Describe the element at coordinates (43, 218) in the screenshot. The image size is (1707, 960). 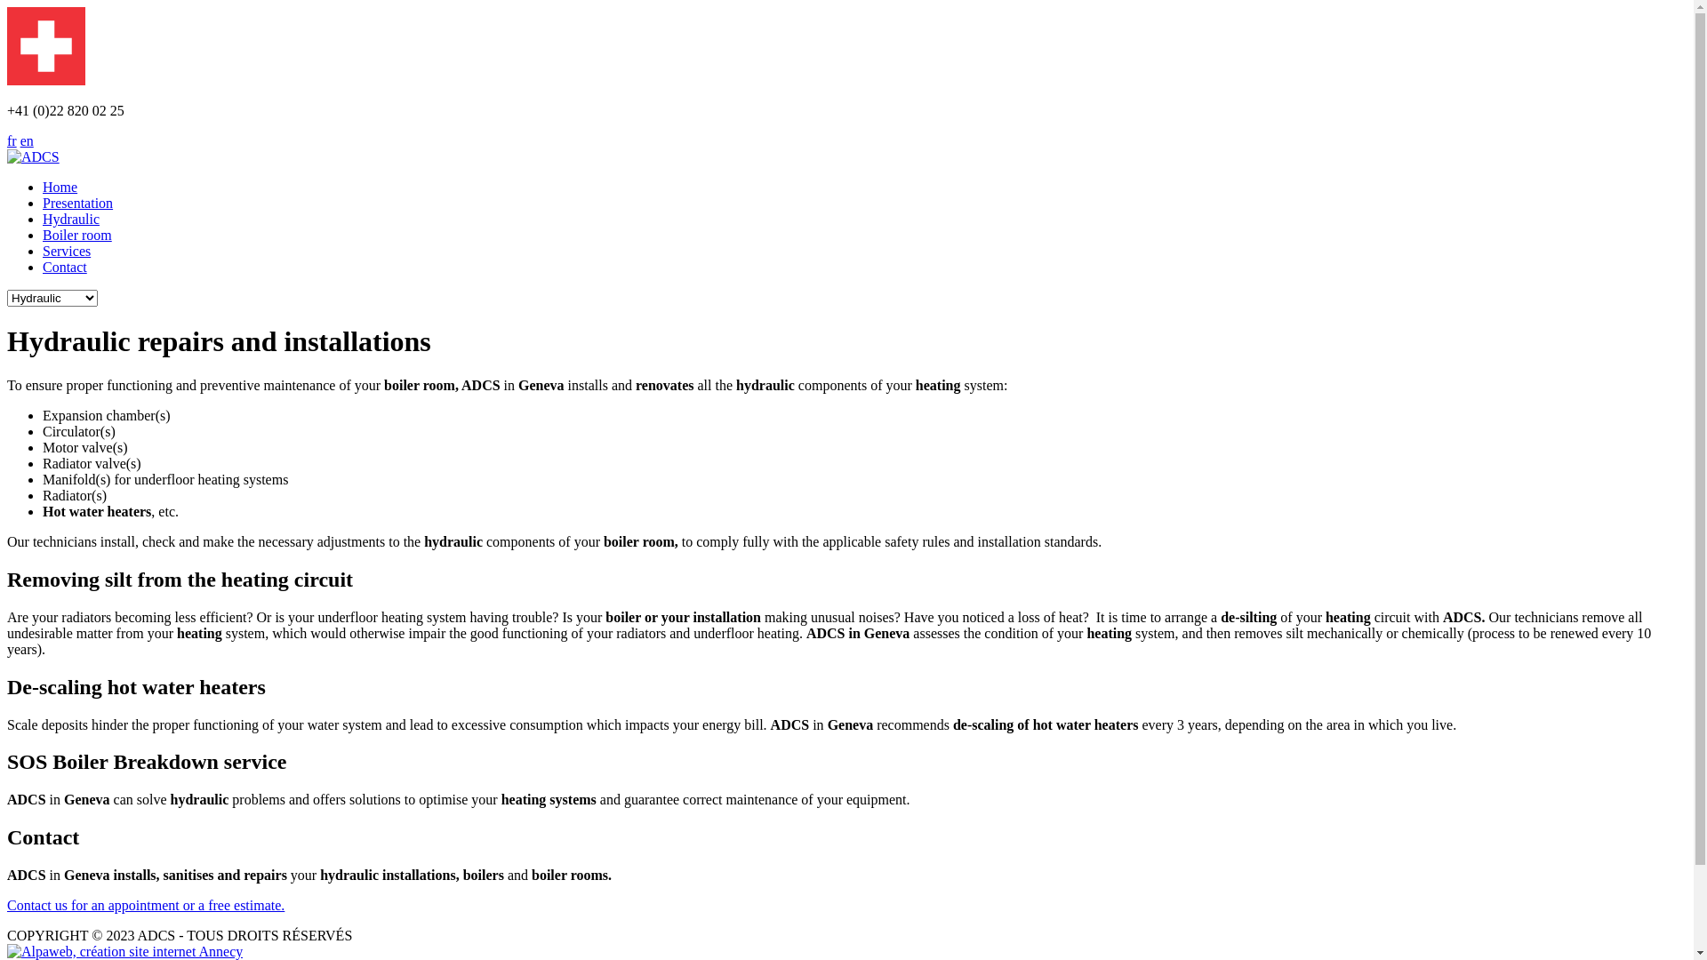
I see `'Hydraulic'` at that location.